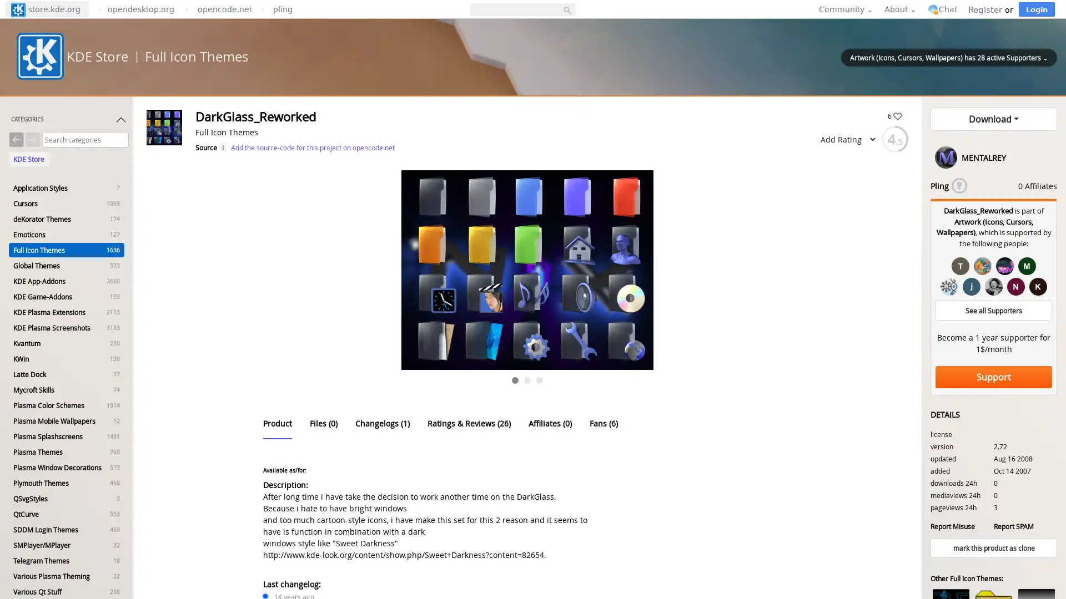 The image size is (1066, 599). What do you see at coordinates (68, 121) in the screenshot?
I see `CATEGORIES` at bounding box center [68, 121].